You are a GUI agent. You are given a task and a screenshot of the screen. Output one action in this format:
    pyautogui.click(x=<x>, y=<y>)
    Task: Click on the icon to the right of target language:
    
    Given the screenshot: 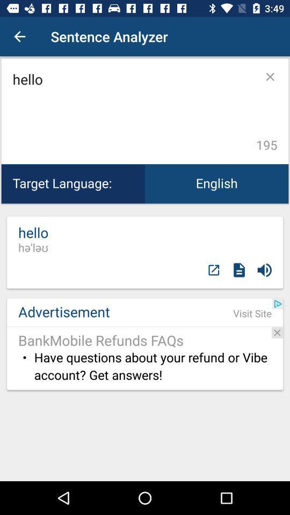 What is the action you would take?
    pyautogui.click(x=216, y=183)
    